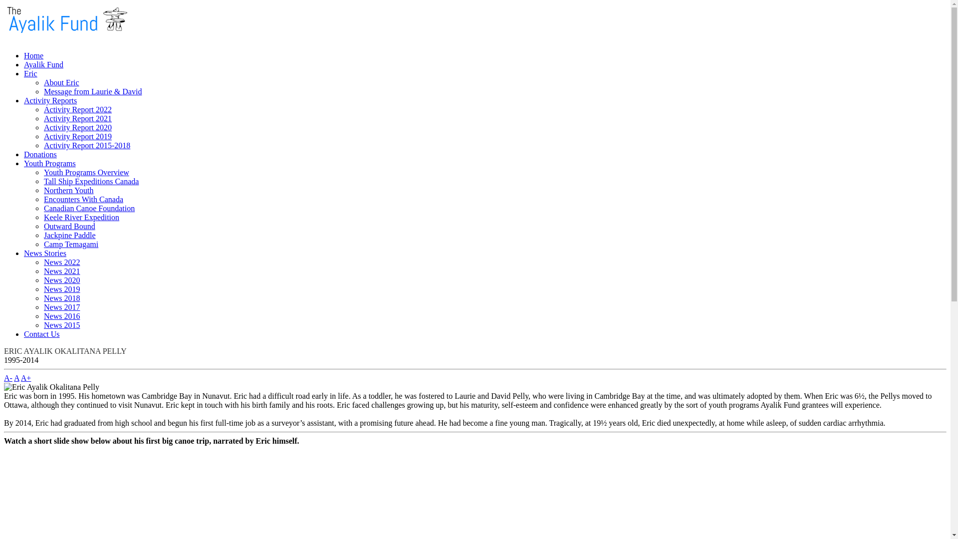  Describe the element at coordinates (70, 244) in the screenshot. I see `'Camp Temagami'` at that location.